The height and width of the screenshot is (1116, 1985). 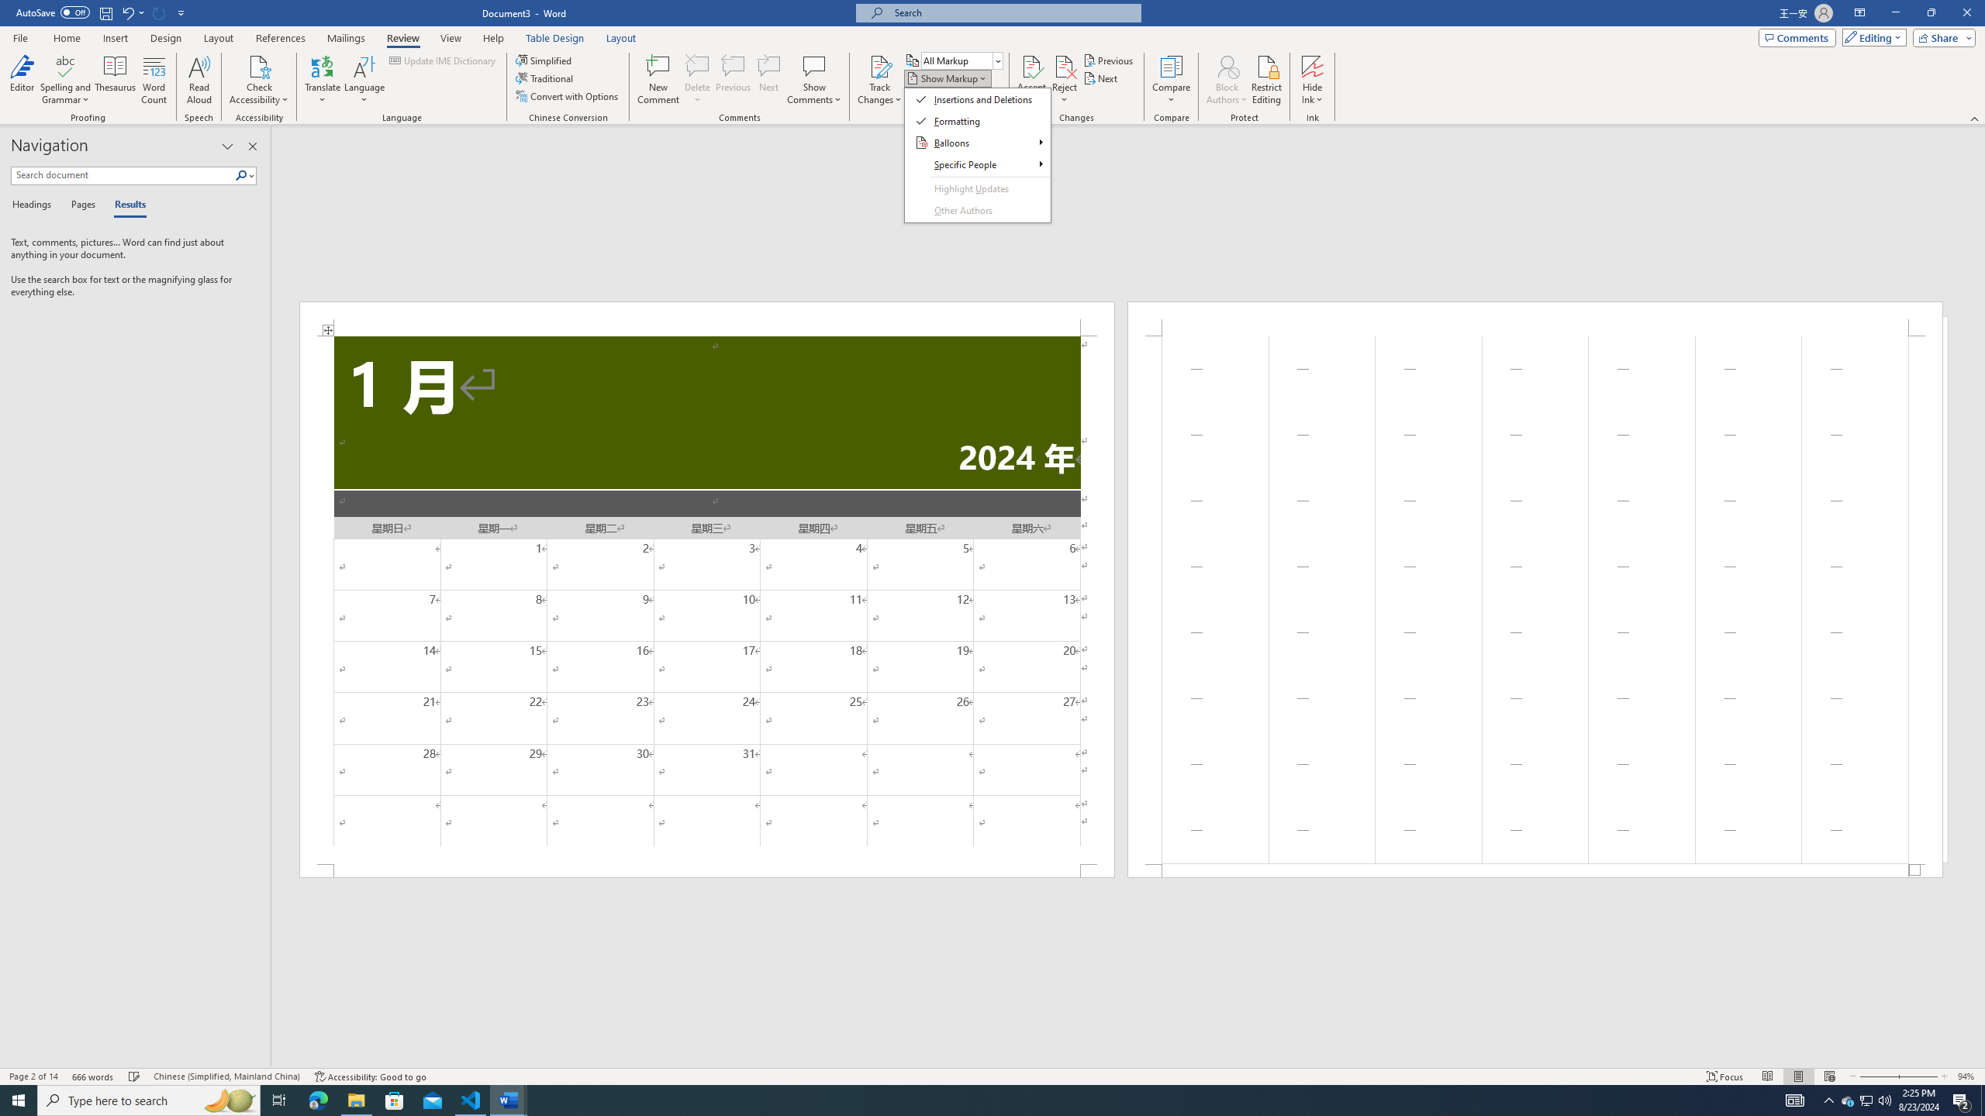 I want to click on 'Convert with Options...', so click(x=568, y=95).